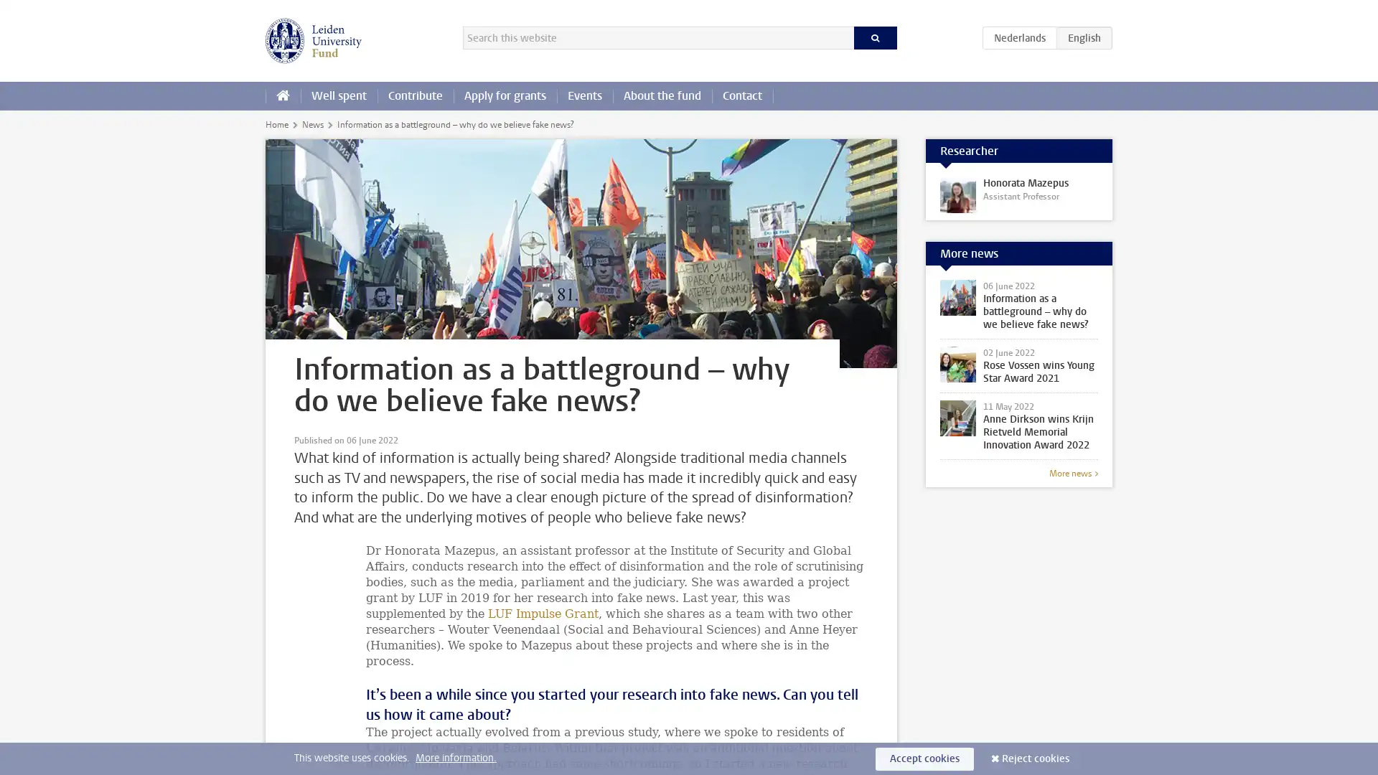 Image resolution: width=1378 pixels, height=775 pixels. I want to click on Accept cookies, so click(924, 758).